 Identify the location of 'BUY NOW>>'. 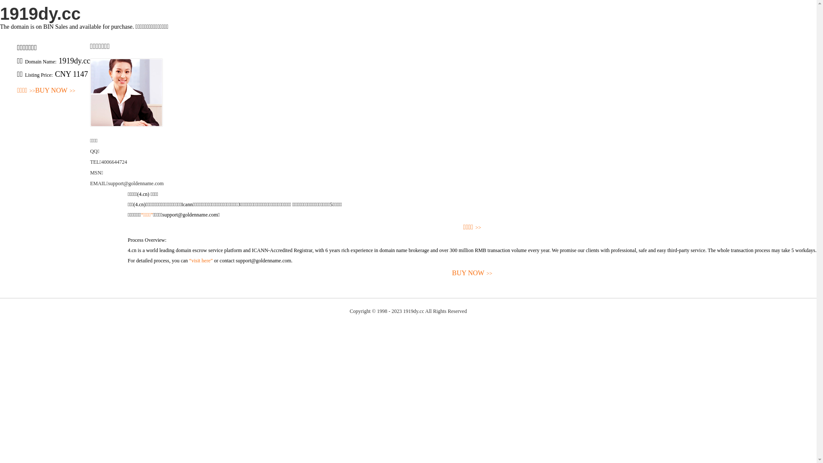
(472, 273).